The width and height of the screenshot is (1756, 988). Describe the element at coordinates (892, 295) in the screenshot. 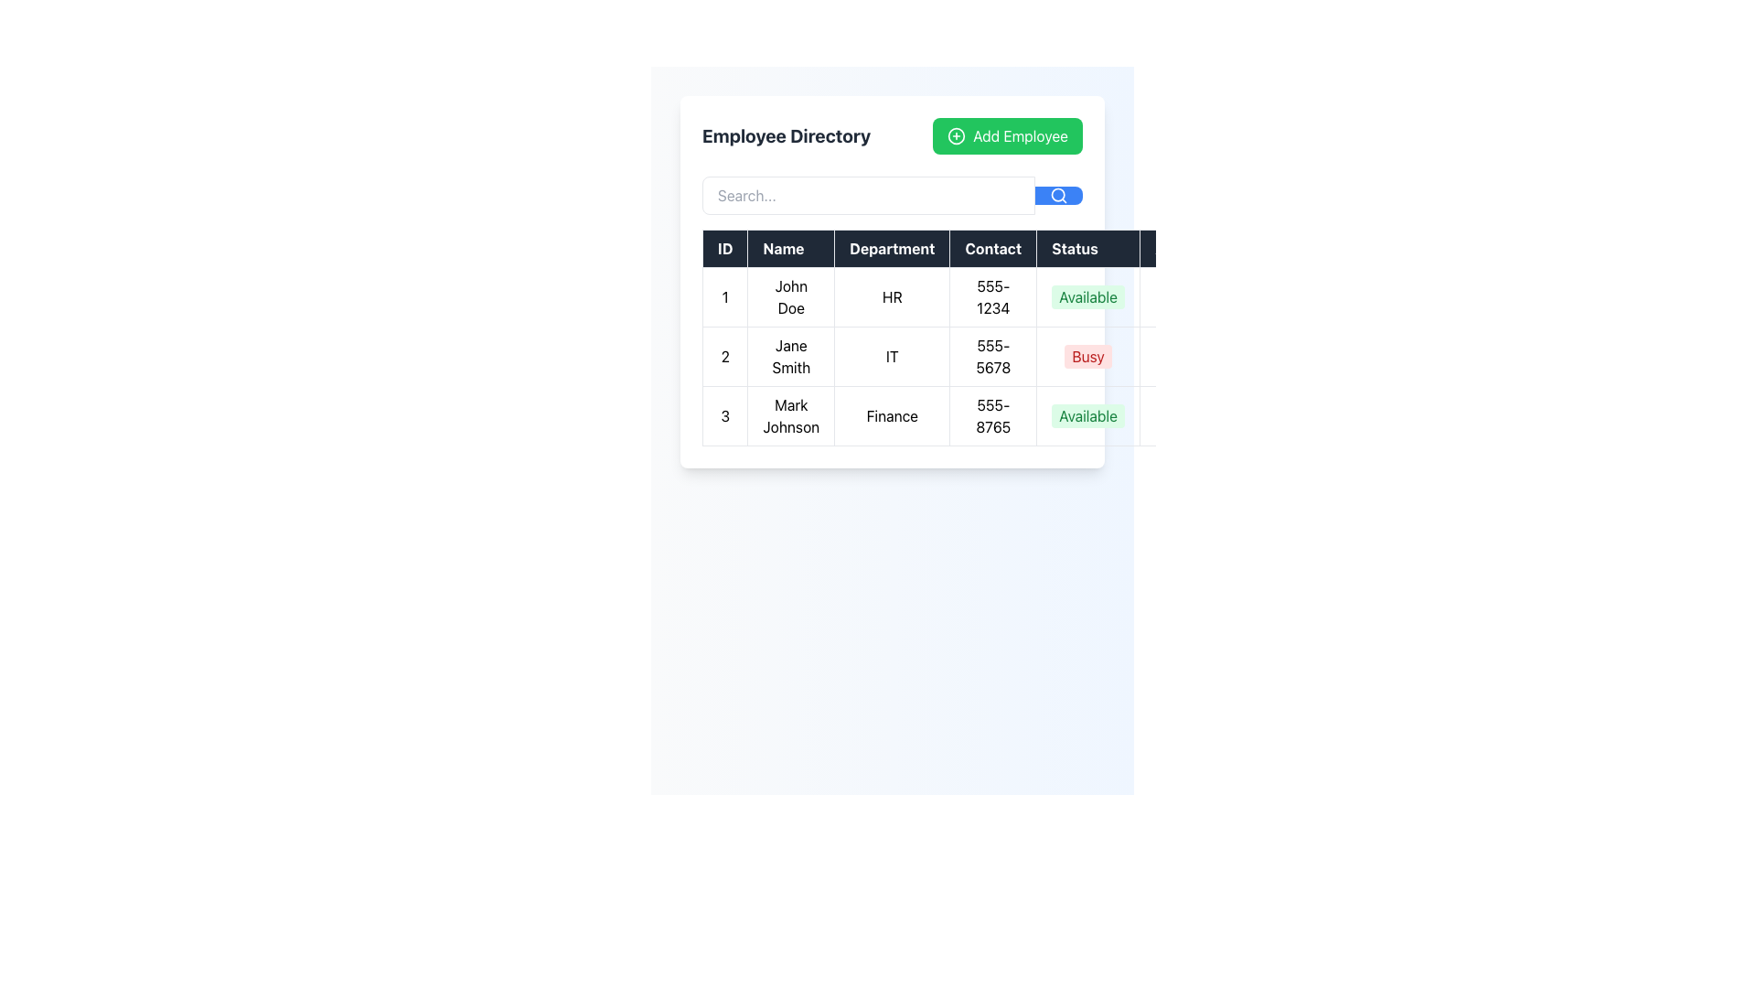

I see `the table cell displaying 'HR' located in the first row under the 'Department' column, which is the third cell following the 'Name' column` at that location.